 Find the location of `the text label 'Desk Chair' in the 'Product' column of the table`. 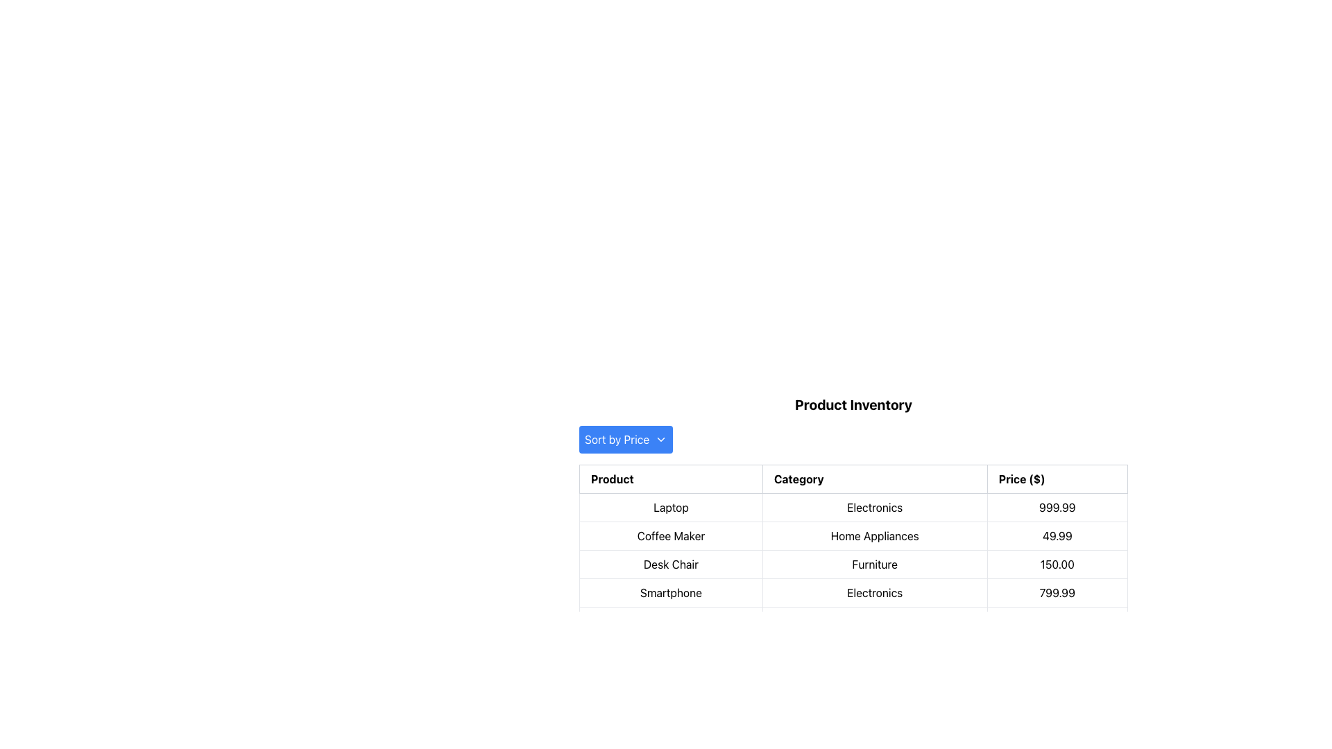

the text label 'Desk Chair' in the 'Product' column of the table is located at coordinates (671, 564).